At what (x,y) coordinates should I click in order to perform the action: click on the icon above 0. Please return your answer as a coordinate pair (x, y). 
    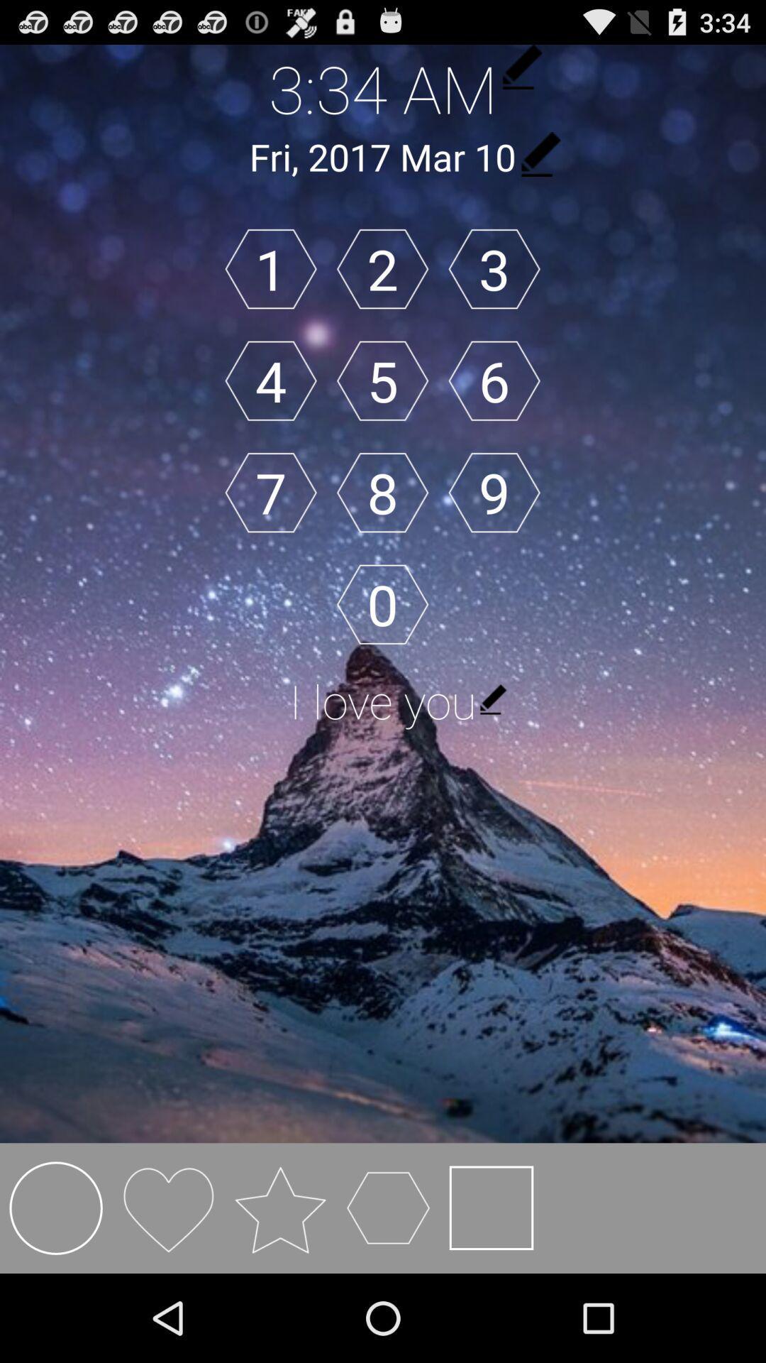
    Looking at the image, I should click on (382, 493).